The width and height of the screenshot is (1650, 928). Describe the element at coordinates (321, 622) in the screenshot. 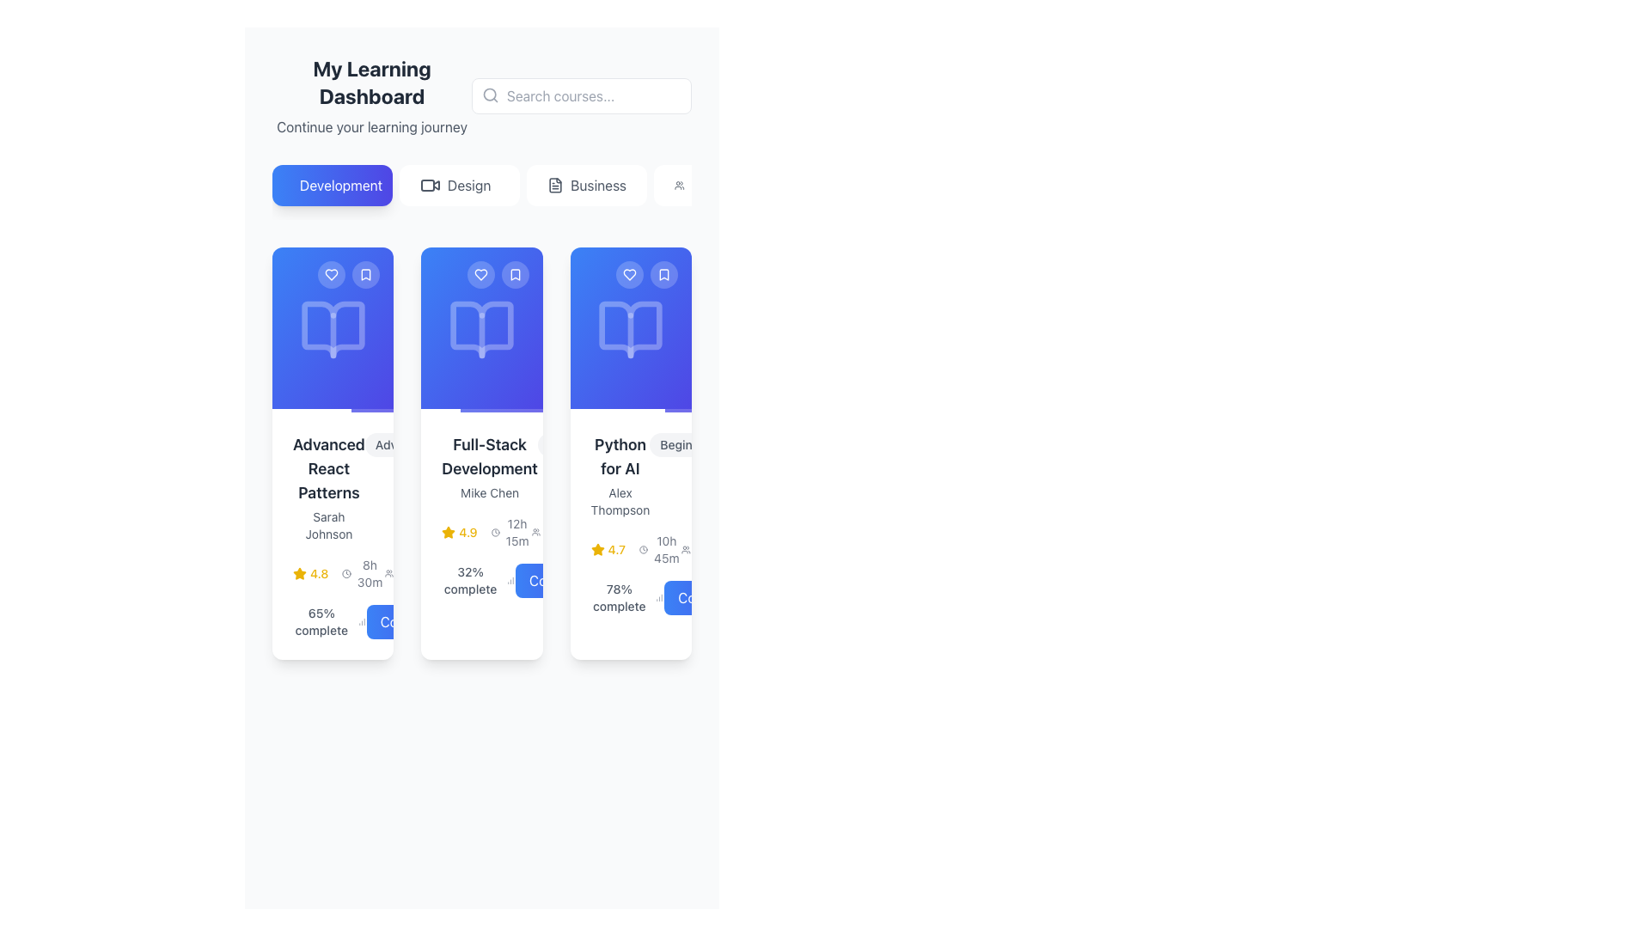

I see `text label displaying the progress percentage of the course or task located at the bottom-left of the first card, above the chart icon and below the star rating` at that location.